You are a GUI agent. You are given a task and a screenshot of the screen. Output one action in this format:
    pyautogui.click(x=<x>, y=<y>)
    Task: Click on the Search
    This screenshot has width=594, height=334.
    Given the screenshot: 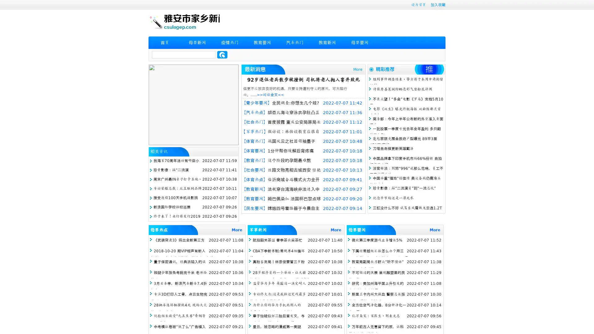 What is the action you would take?
    pyautogui.click(x=222, y=54)
    